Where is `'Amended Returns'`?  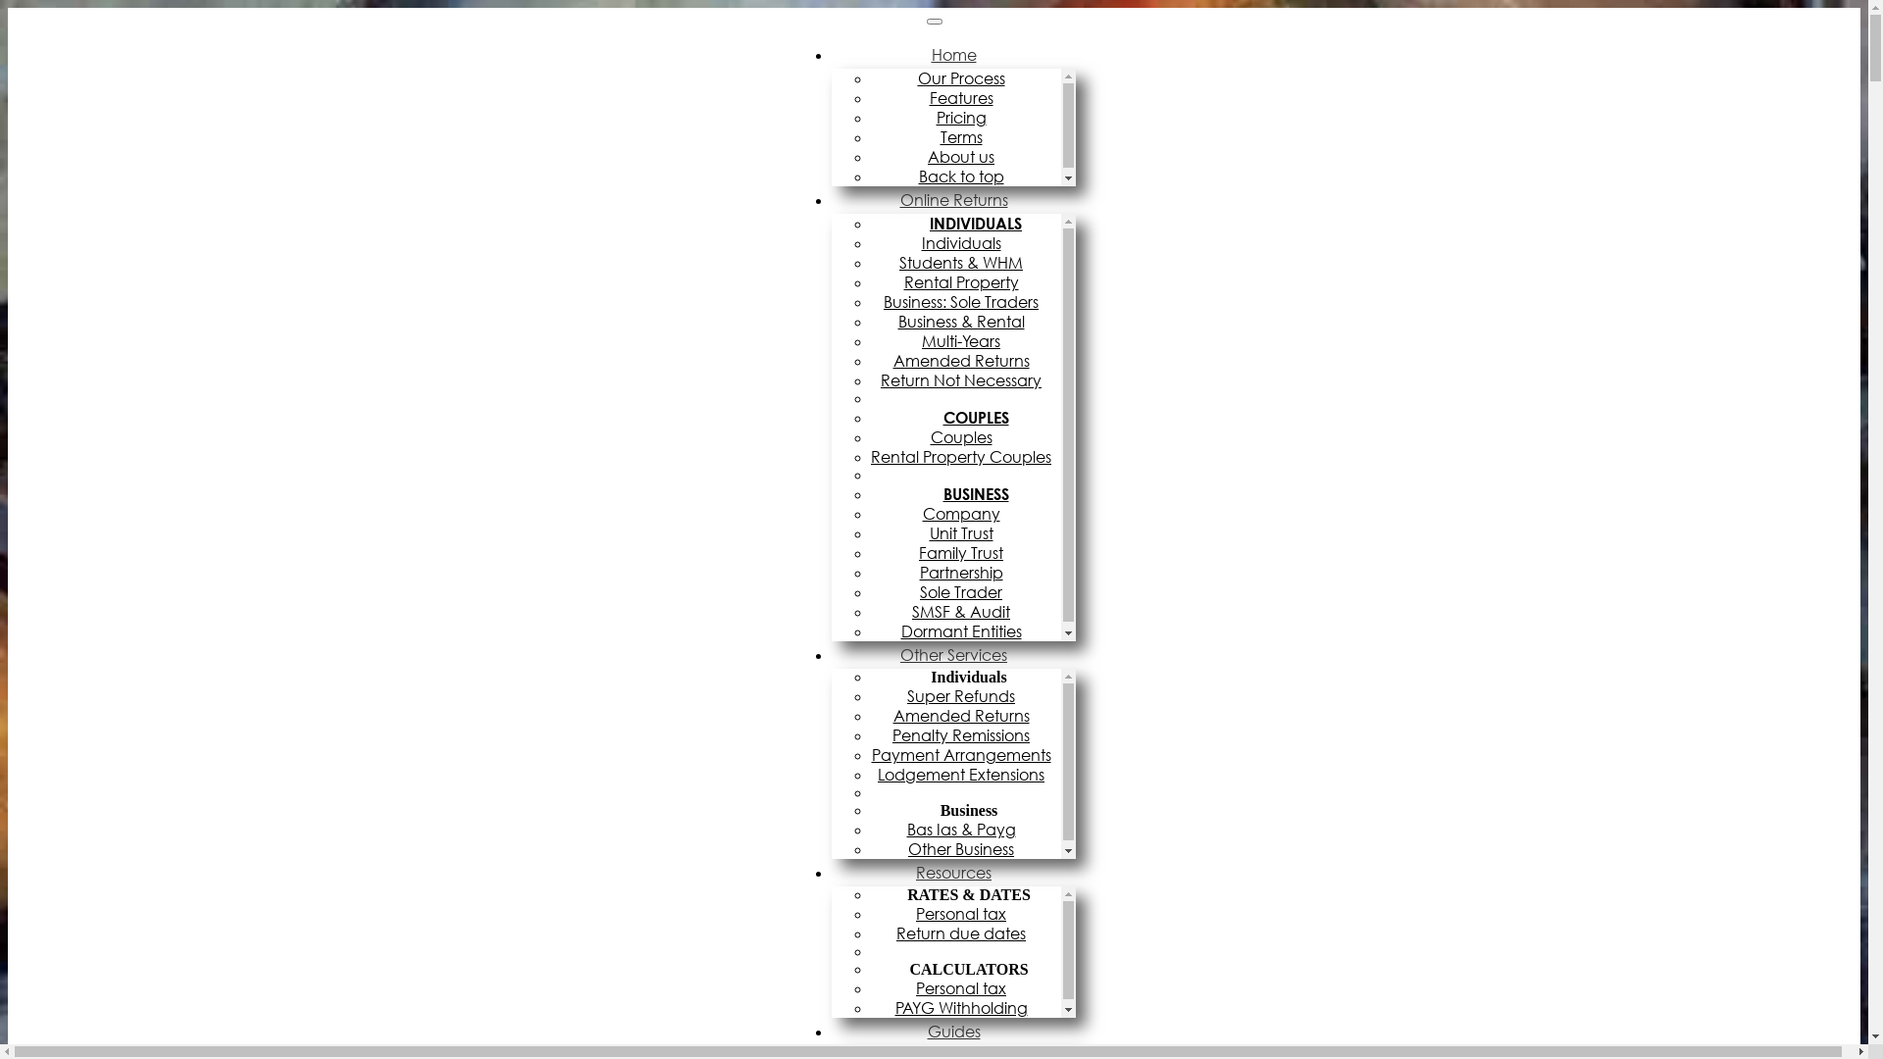
'Amended Returns' is located at coordinates (965, 360).